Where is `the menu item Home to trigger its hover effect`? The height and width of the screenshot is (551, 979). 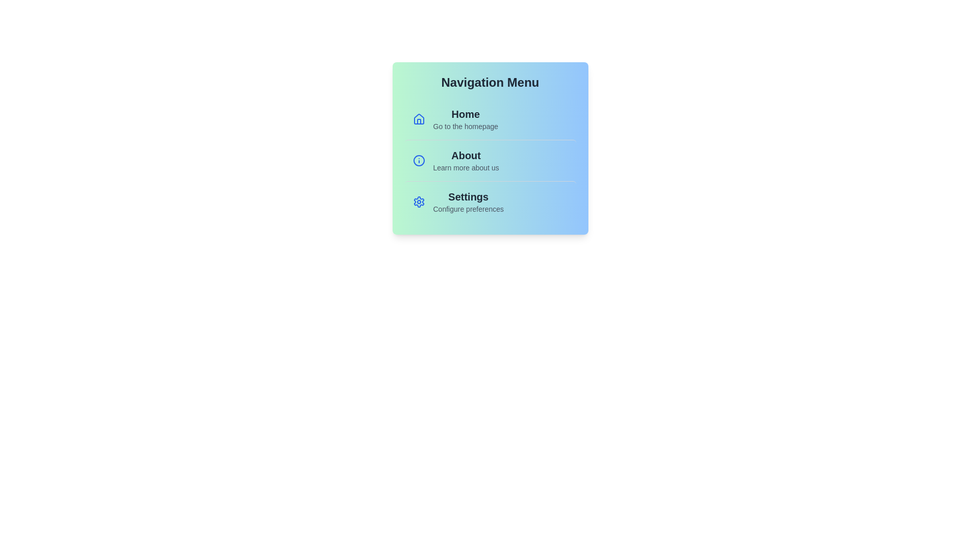 the menu item Home to trigger its hover effect is located at coordinates (490, 119).